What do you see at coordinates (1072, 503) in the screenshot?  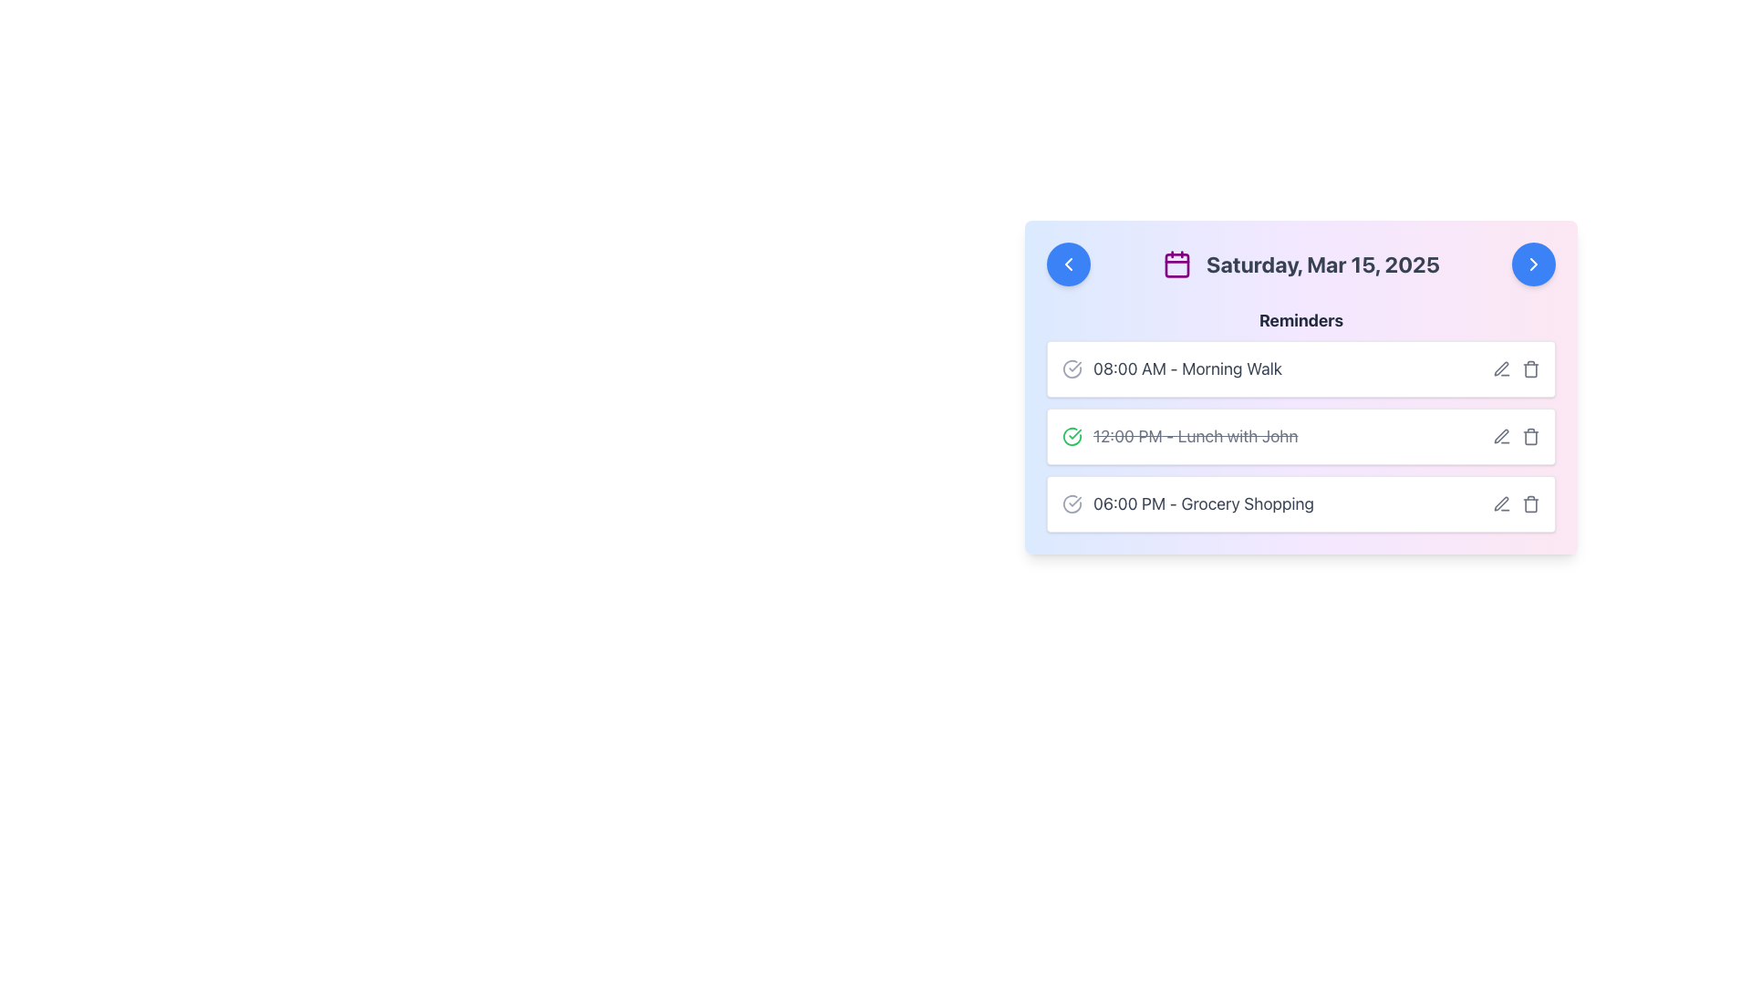 I see `the Interactive Icon` at bounding box center [1072, 503].